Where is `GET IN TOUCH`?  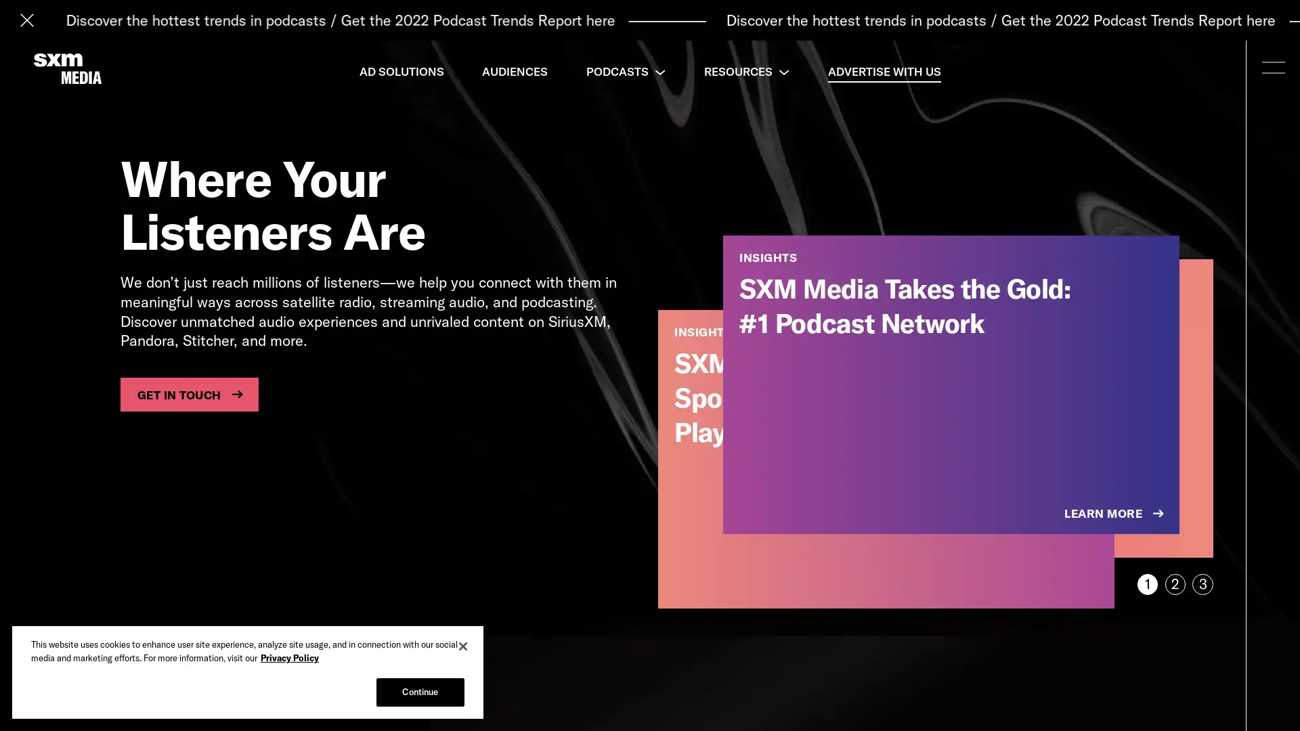
GET IN TOUCH is located at coordinates (188, 394).